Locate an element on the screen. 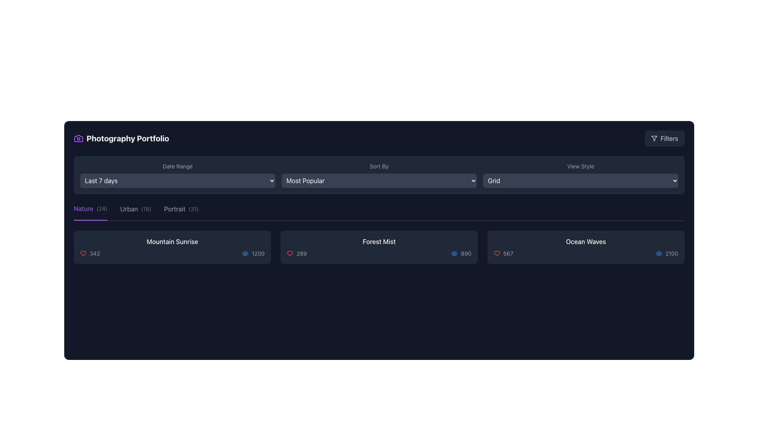 This screenshot has width=766, height=430. the heart icon representing the 'like' or 'favorite' for the item 'Mountain Sunrise' located in the grid view, positioned to the left of the number '342' is located at coordinates (83, 253).